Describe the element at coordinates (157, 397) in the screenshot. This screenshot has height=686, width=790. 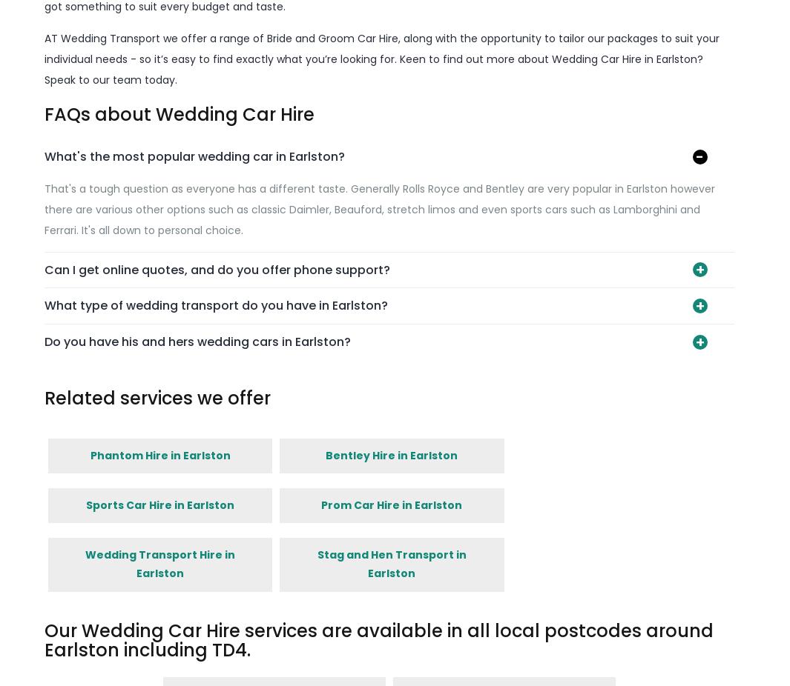
I see `'Related services we offer'` at that location.